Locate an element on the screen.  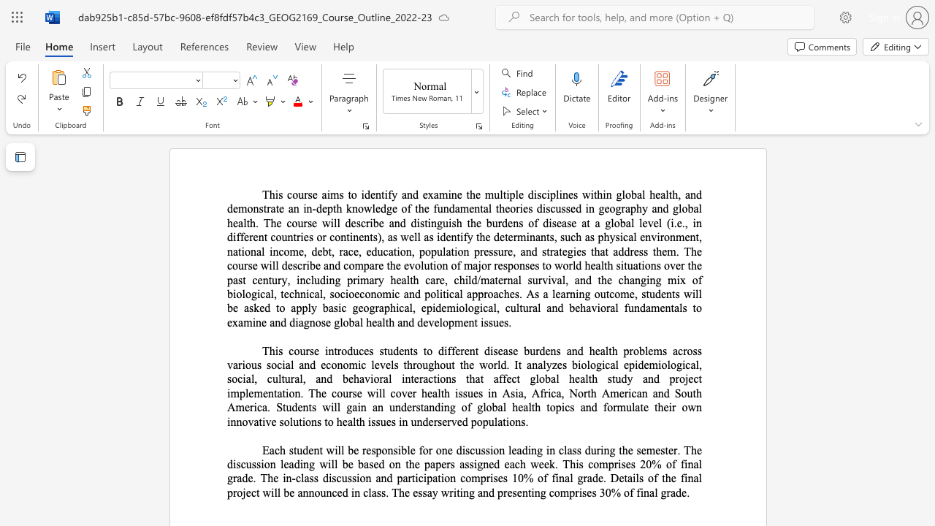
the subset text "be asked to apply basic" within the text "outcome, students will be asked to apply basic" is located at coordinates (226, 307).